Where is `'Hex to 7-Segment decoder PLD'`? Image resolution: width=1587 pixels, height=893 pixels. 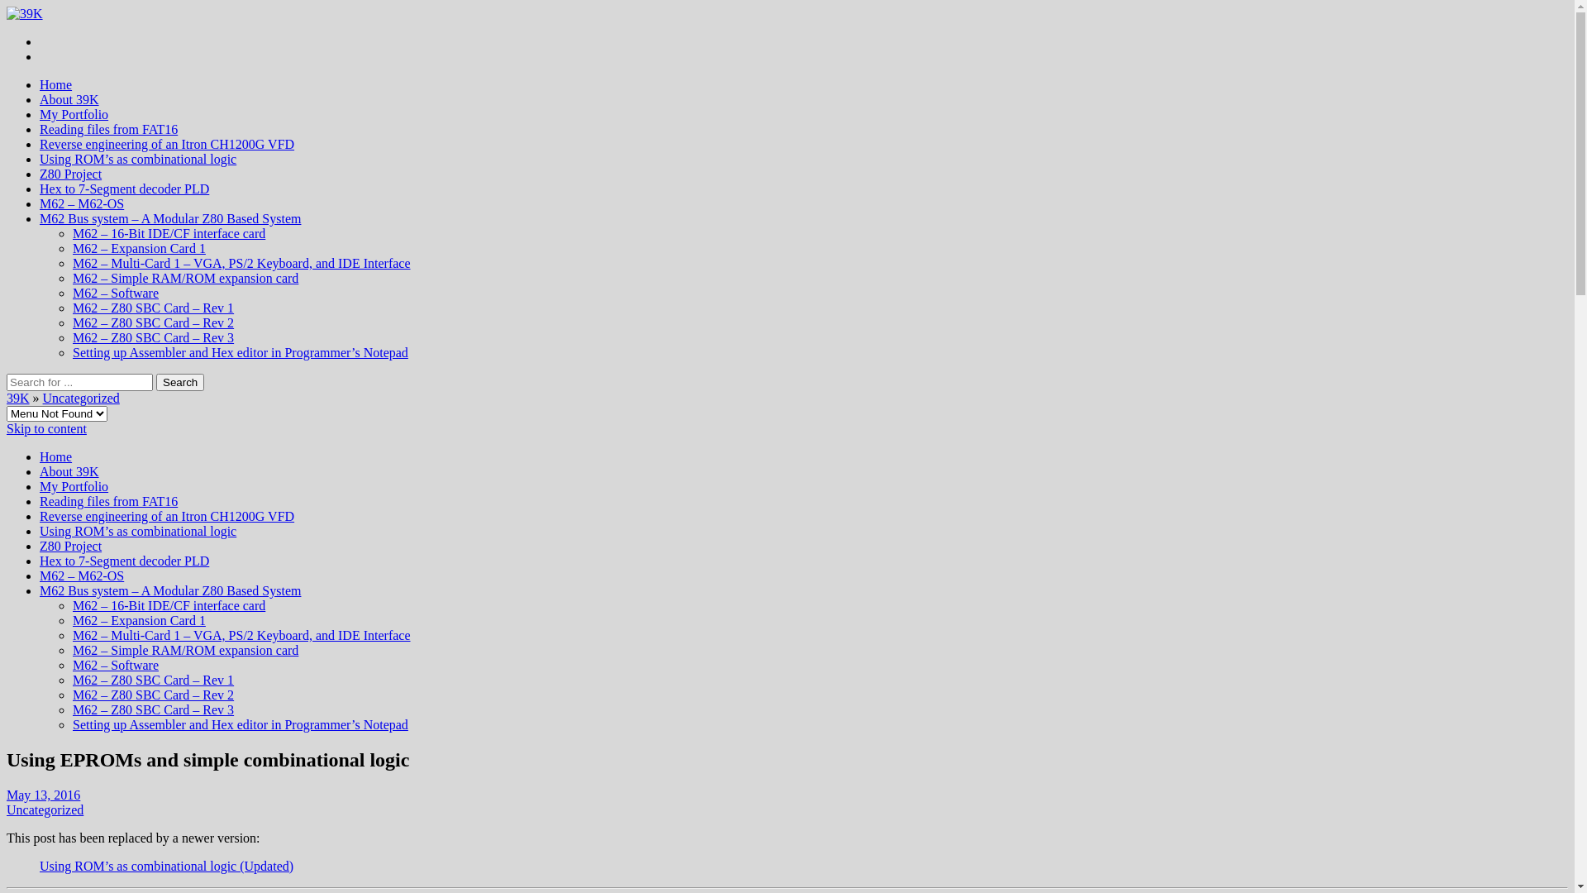
'Hex to 7-Segment decoder PLD' is located at coordinates (123, 188).